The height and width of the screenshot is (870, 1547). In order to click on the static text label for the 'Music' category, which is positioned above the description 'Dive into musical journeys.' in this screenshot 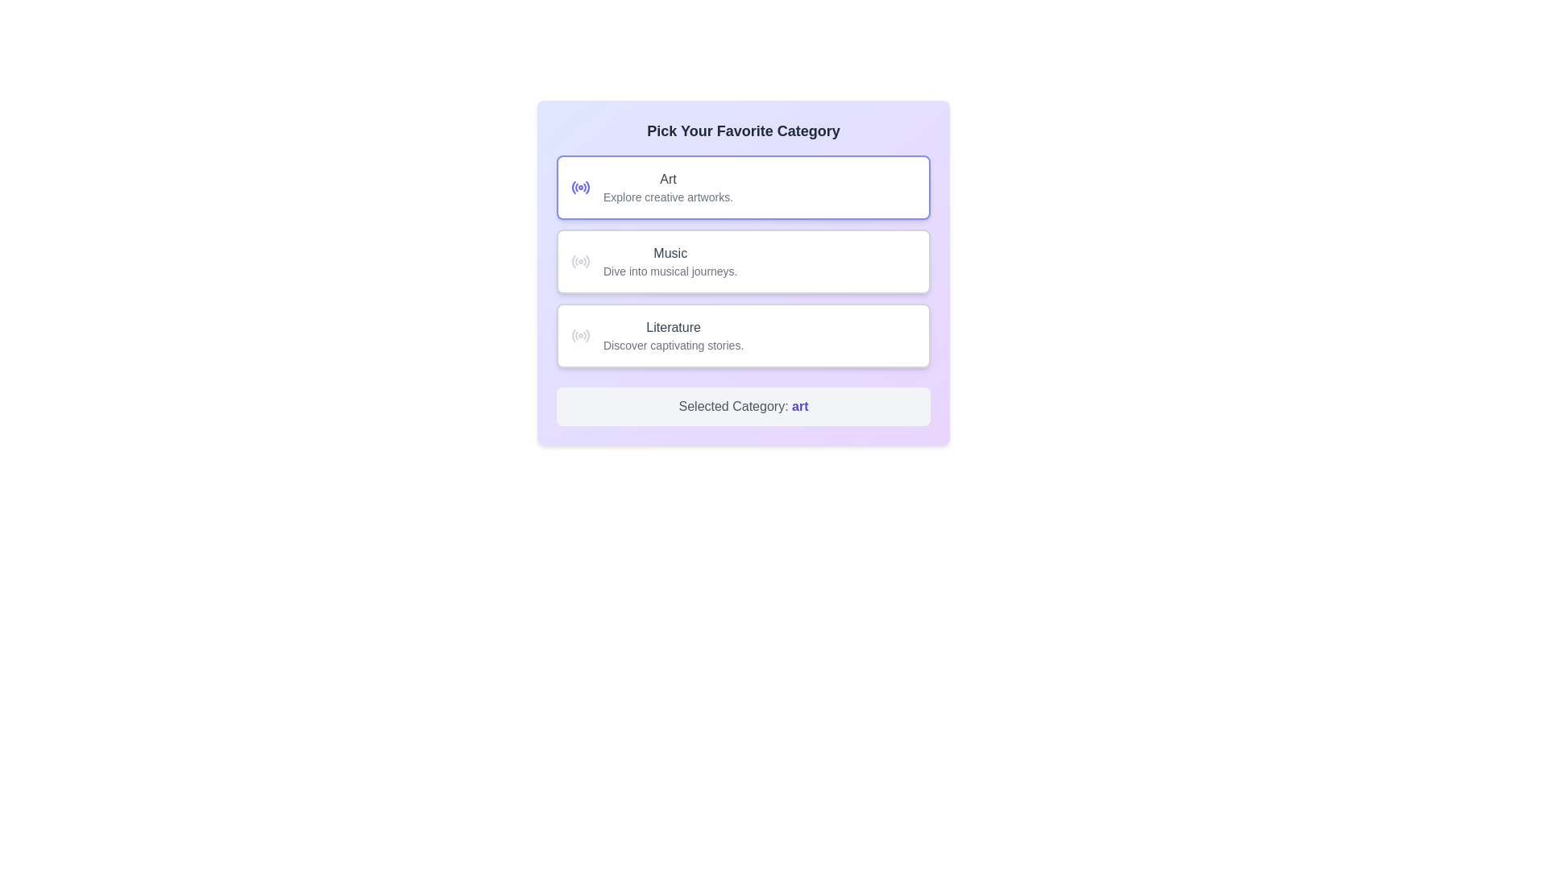, I will do `click(670, 254)`.